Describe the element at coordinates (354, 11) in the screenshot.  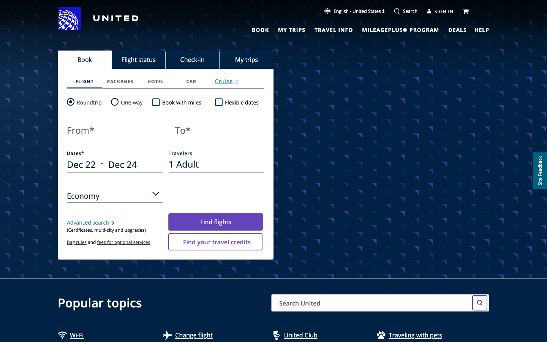
I see `Switch the language` at that location.